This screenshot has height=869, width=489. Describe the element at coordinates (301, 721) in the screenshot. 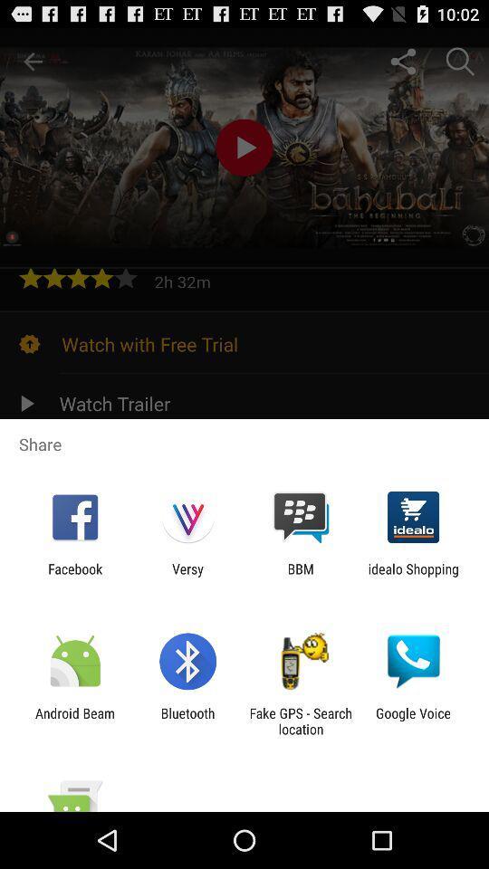

I see `the app to the left of the google voice app` at that location.